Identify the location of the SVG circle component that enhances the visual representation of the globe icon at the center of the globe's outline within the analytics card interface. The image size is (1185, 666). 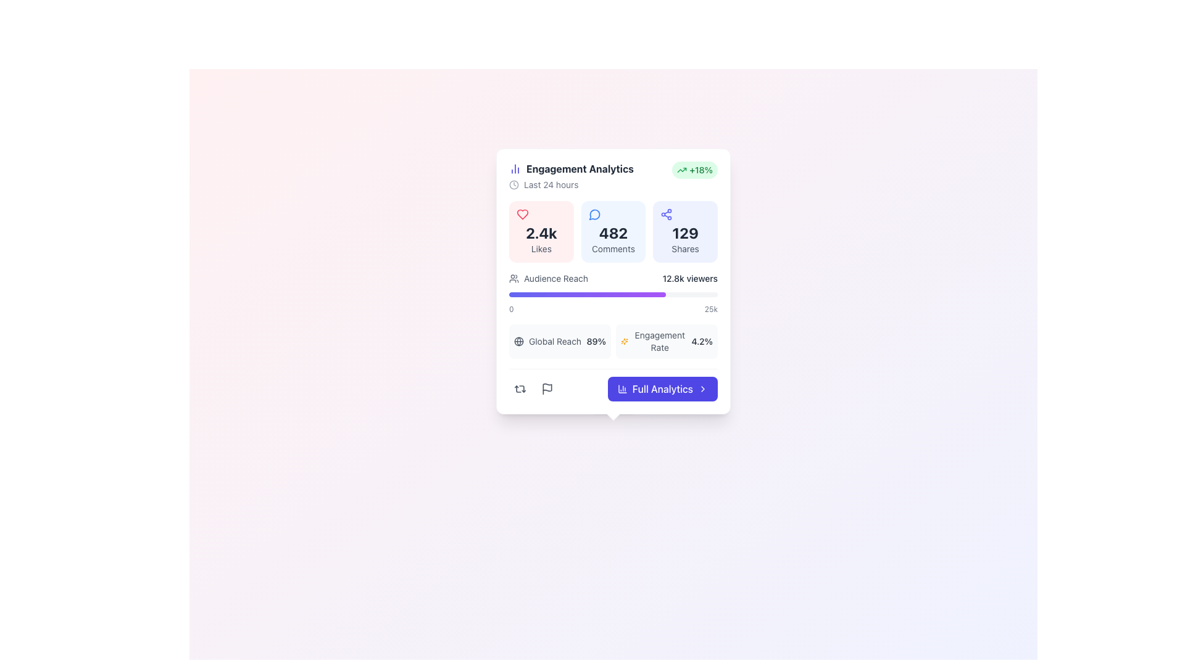
(518, 342).